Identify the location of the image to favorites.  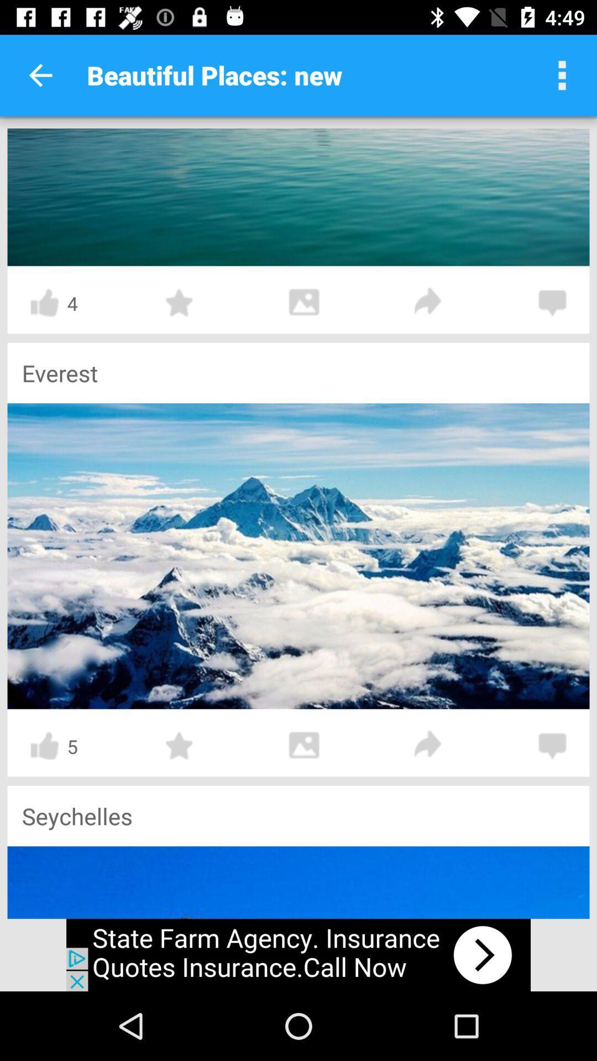
(179, 745).